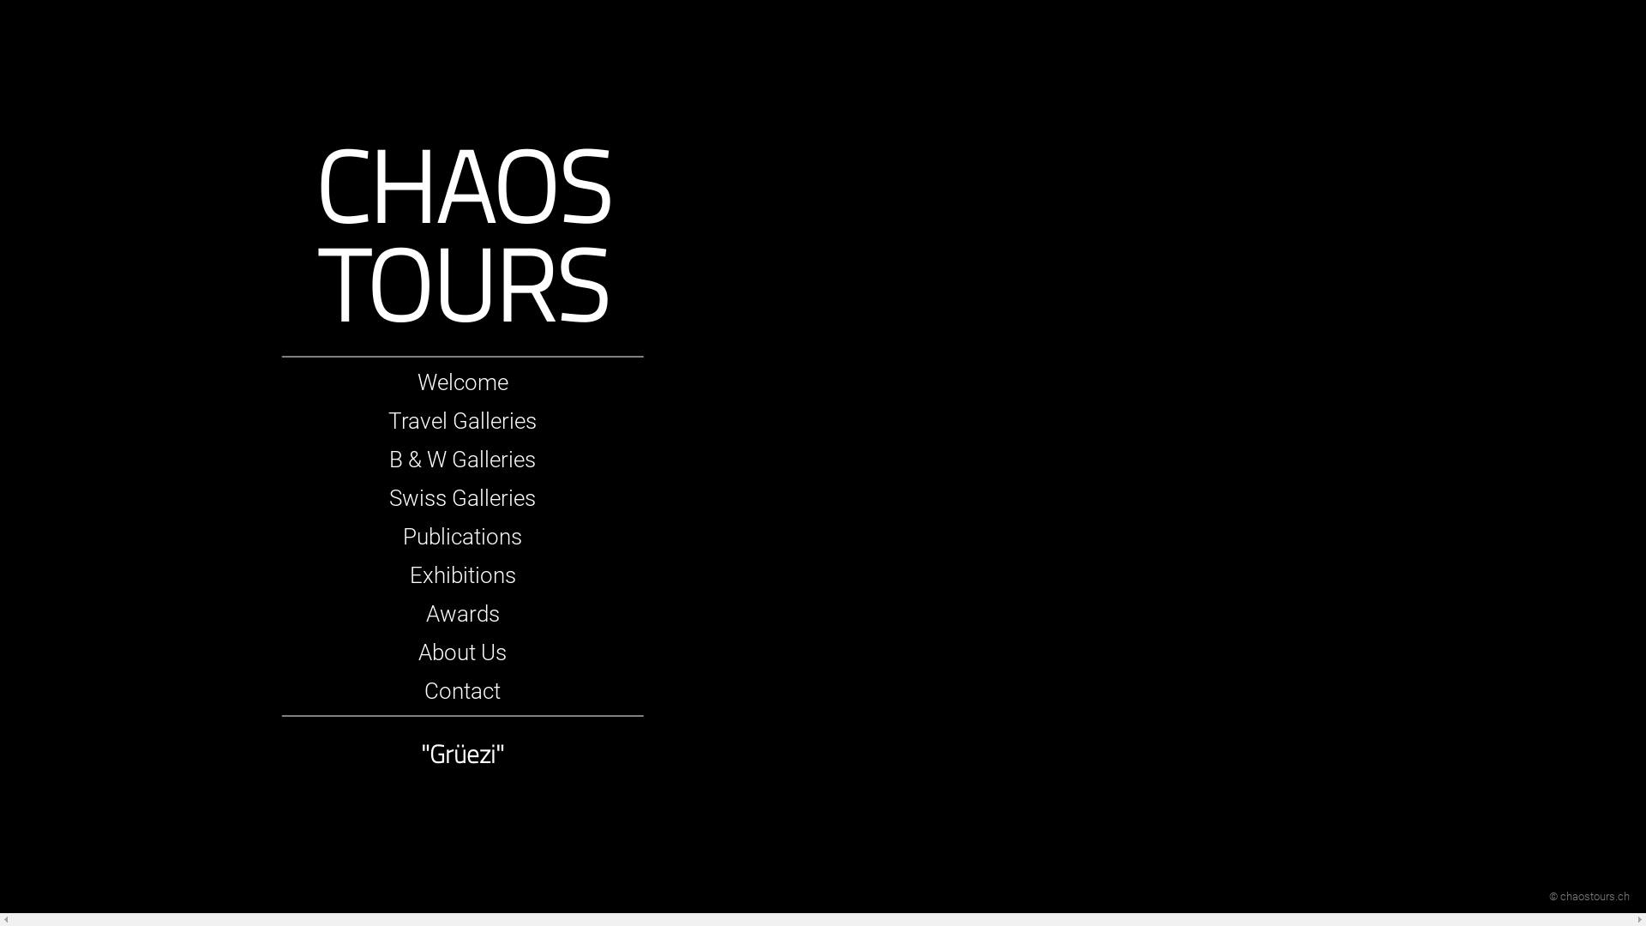 The height and width of the screenshot is (926, 1646). I want to click on 'Contact', so click(424, 690).